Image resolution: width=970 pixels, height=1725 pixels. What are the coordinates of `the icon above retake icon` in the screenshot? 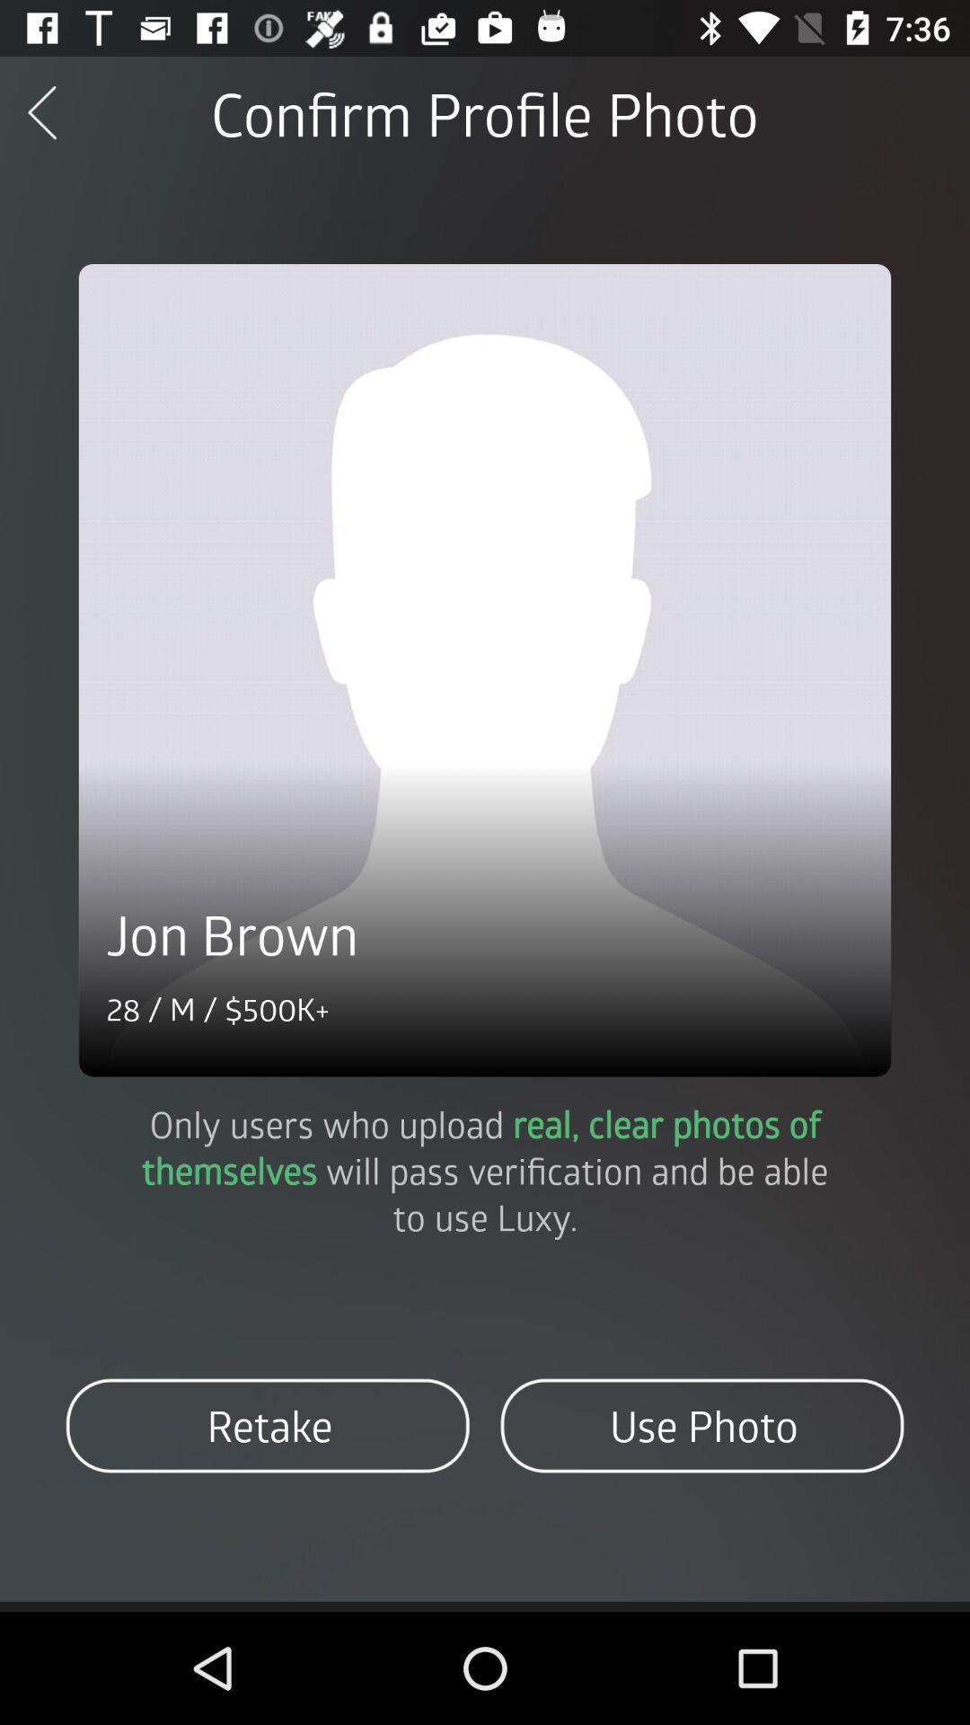 It's located at (485, 1170).